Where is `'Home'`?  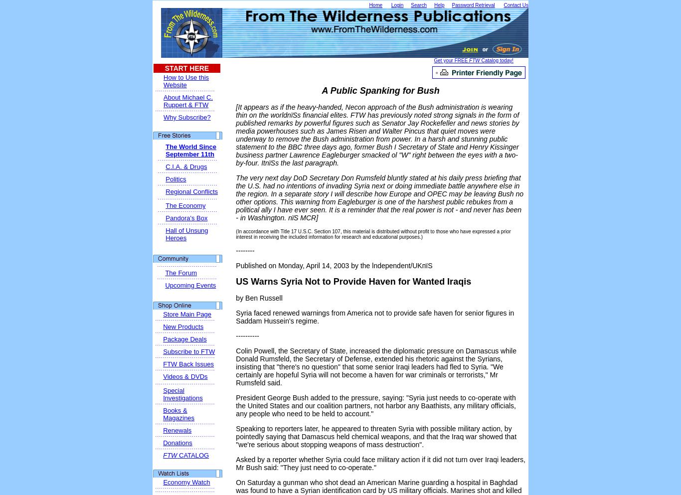
'Home' is located at coordinates (375, 4).